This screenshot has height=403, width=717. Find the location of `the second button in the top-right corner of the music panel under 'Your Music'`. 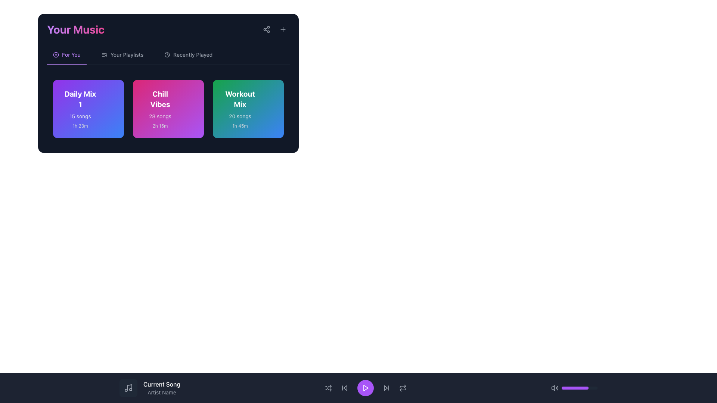

the second button in the top-right corner of the music panel under 'Your Music' is located at coordinates (283, 29).